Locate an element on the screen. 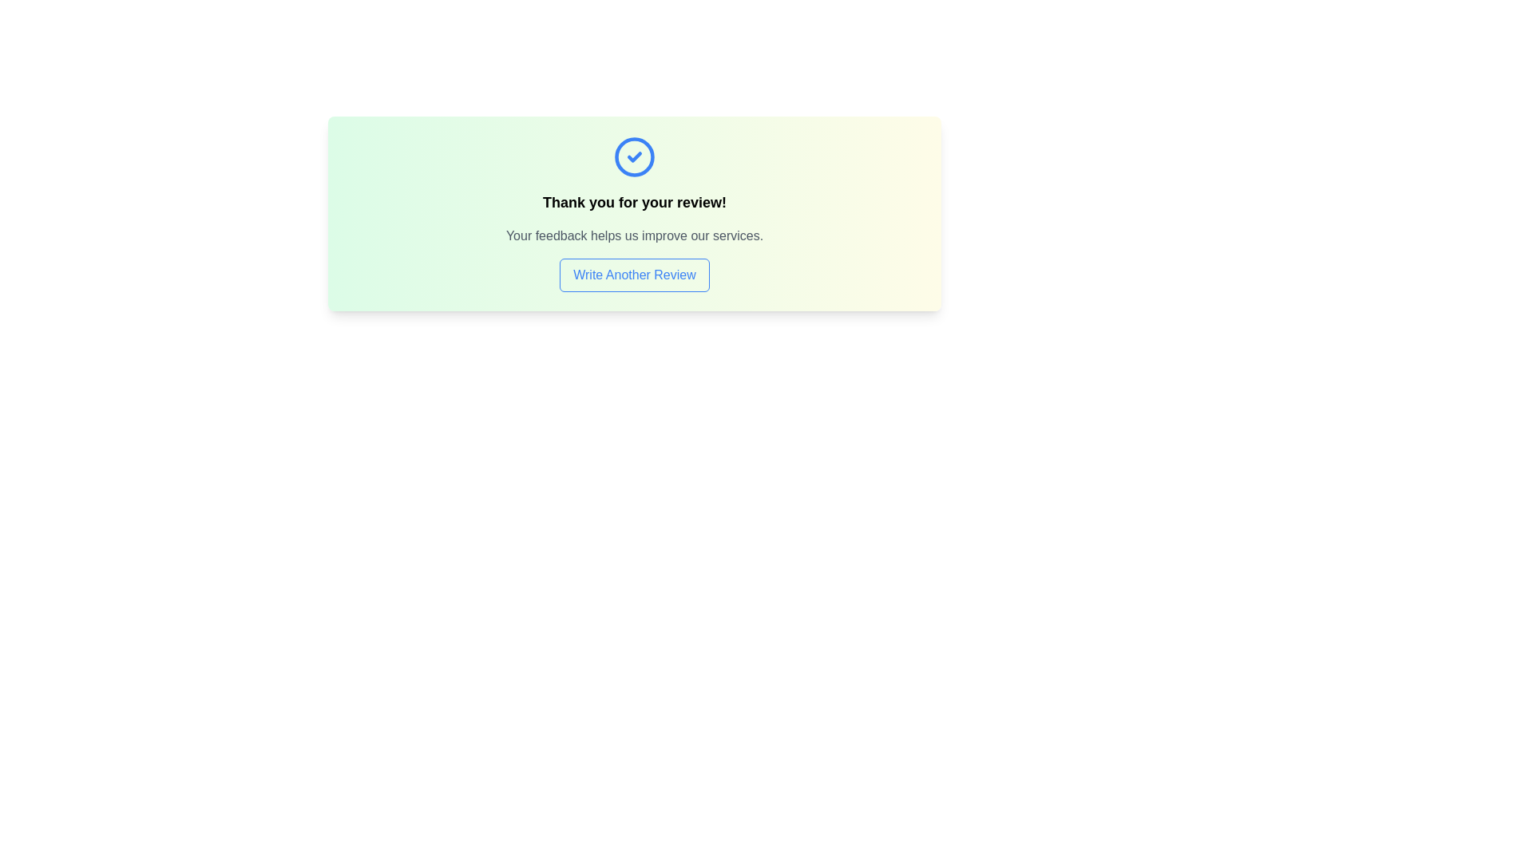 This screenshot has width=1533, height=862. text within the card that has a gradient background from yellow to green, featuring a blue circle with a white checkmark, bold text 'Thank you for your review!', and smaller text 'Your feedback helps us improve our services.' is located at coordinates (634, 212).